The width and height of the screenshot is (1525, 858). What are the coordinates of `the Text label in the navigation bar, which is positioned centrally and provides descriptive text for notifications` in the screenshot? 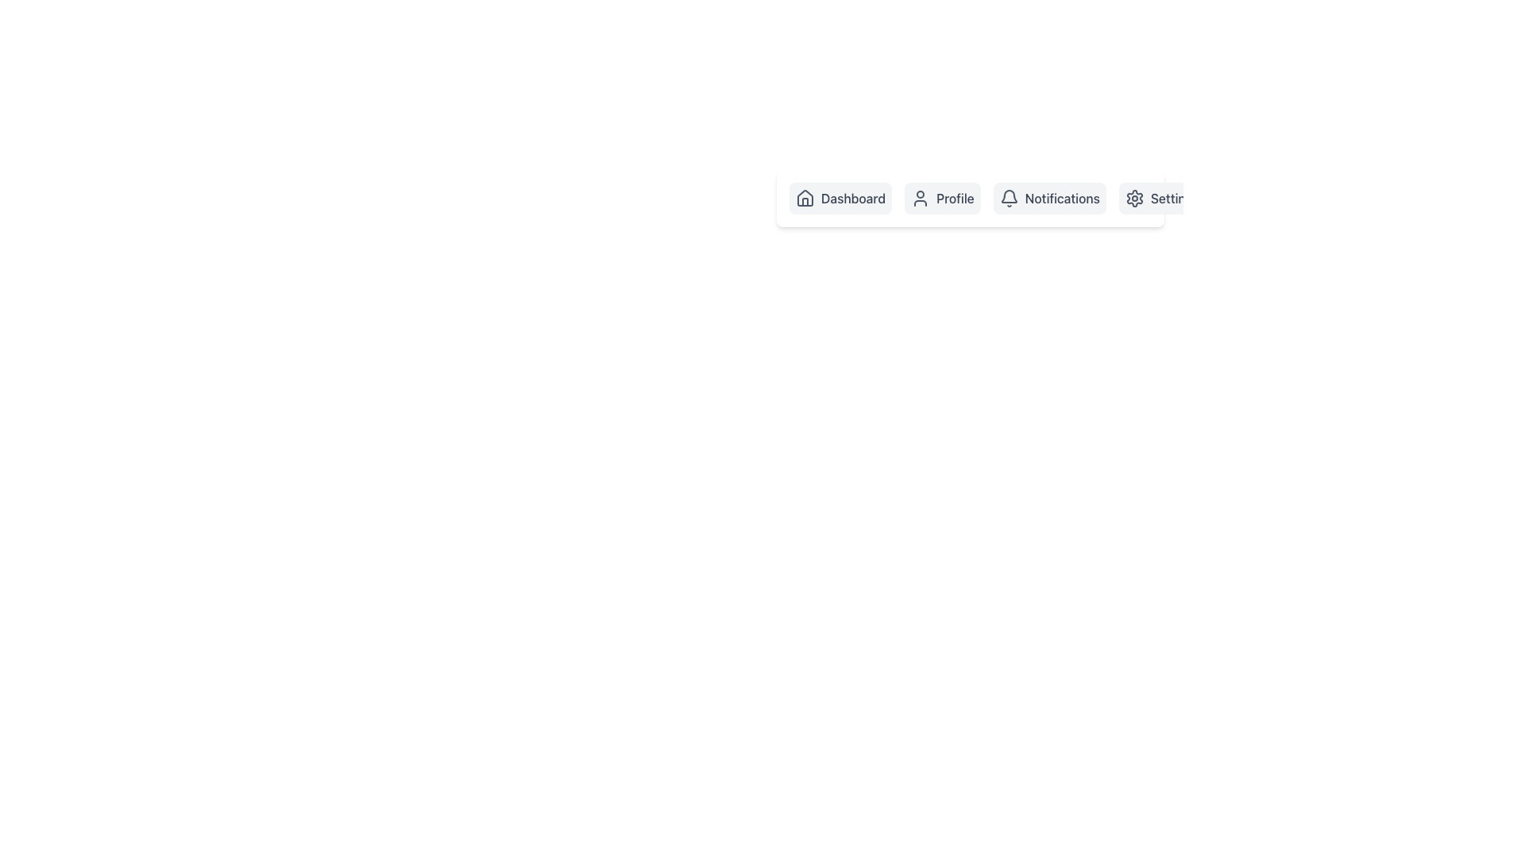 It's located at (1062, 198).